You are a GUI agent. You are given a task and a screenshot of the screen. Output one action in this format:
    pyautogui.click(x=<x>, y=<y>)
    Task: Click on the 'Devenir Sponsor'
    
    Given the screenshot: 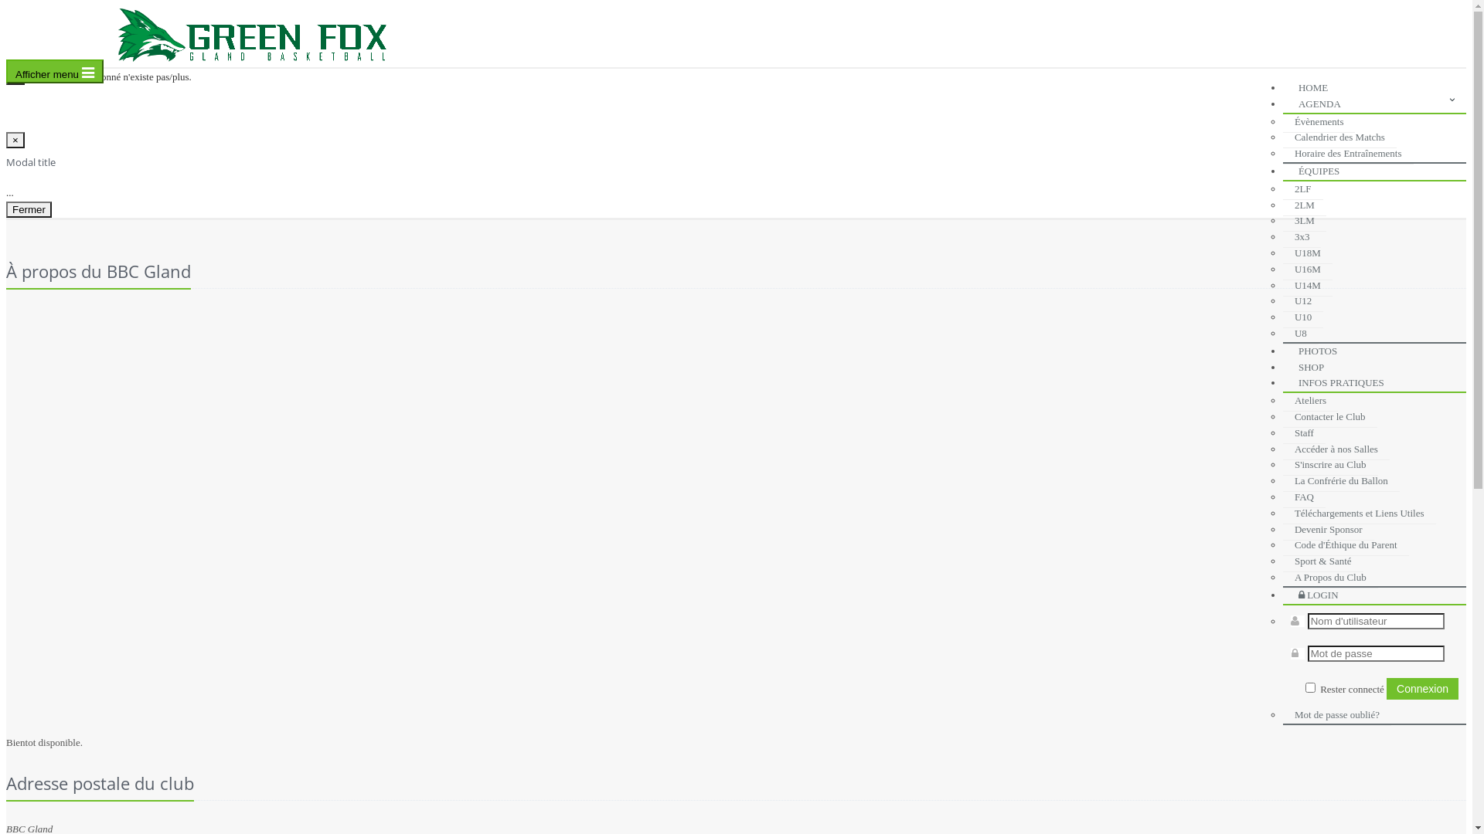 What is the action you would take?
    pyautogui.click(x=1283, y=529)
    